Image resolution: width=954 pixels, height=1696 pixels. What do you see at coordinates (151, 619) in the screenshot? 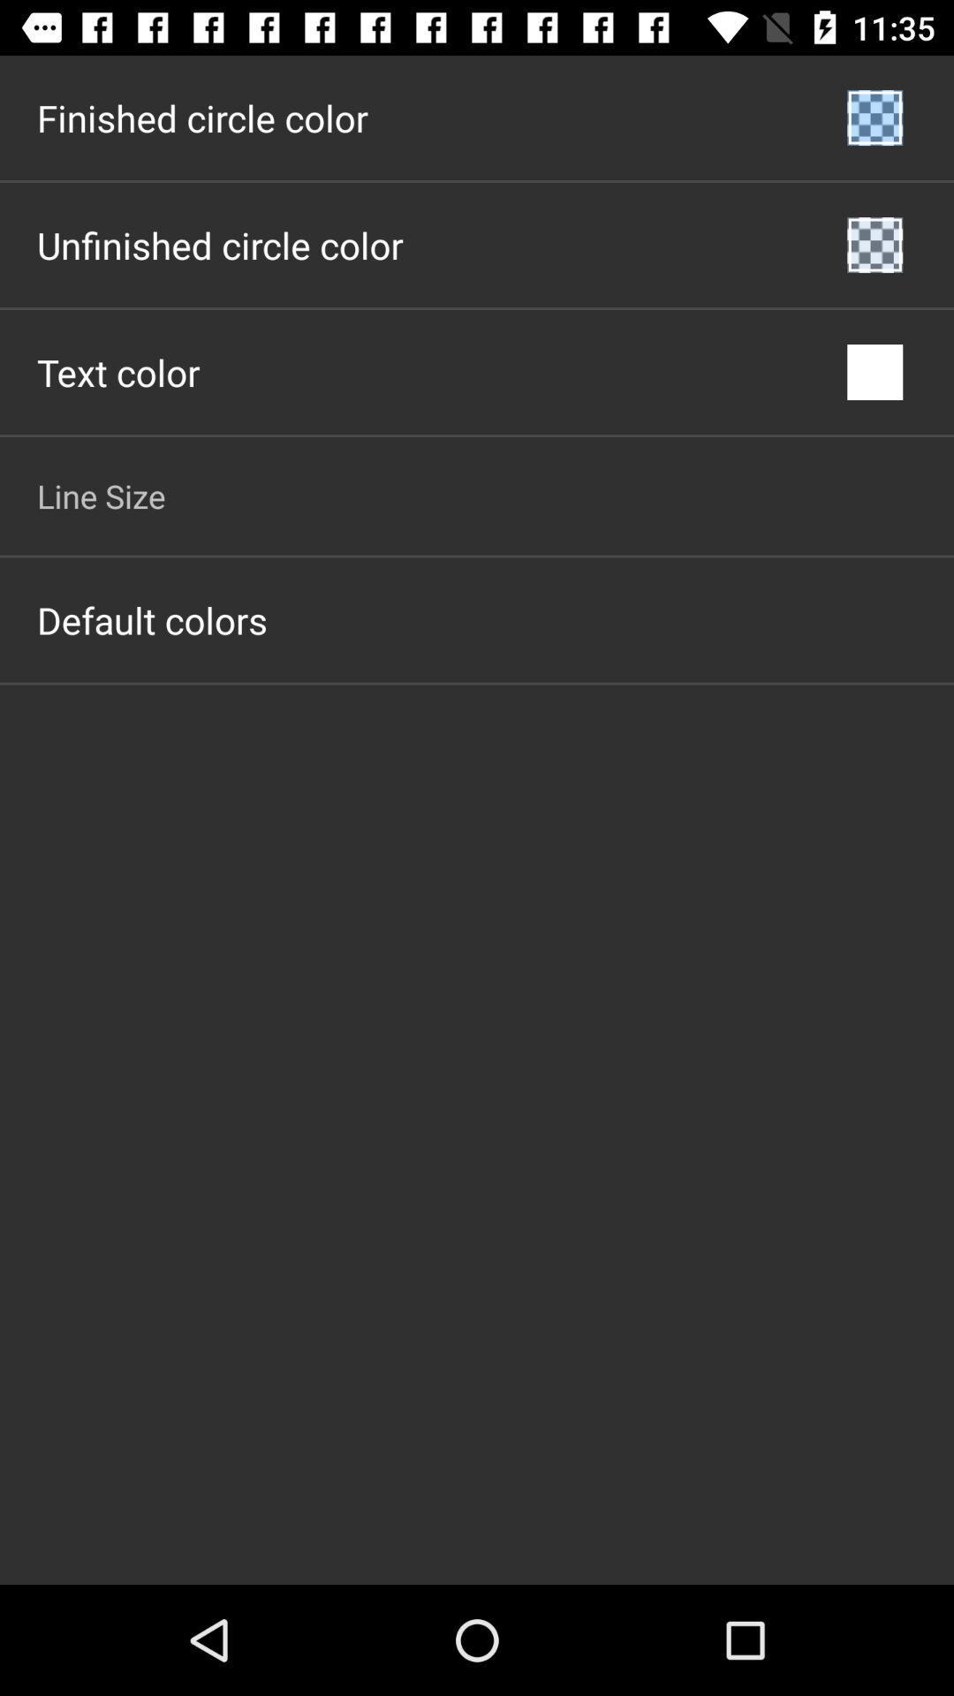
I see `the default colors item` at bounding box center [151, 619].